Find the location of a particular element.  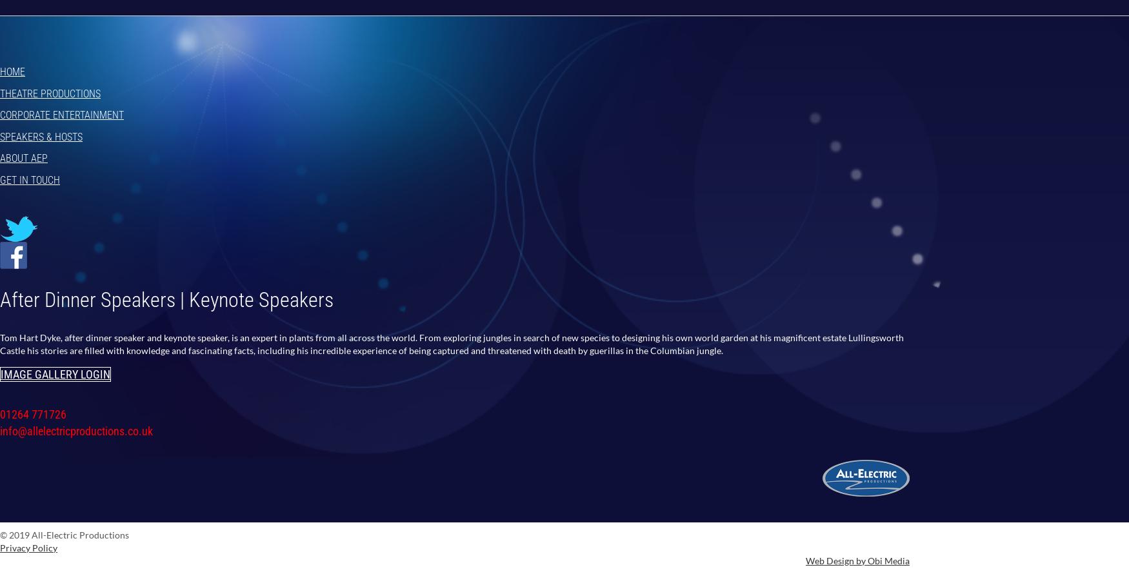

'Corporate Entertainment' is located at coordinates (62, 115).